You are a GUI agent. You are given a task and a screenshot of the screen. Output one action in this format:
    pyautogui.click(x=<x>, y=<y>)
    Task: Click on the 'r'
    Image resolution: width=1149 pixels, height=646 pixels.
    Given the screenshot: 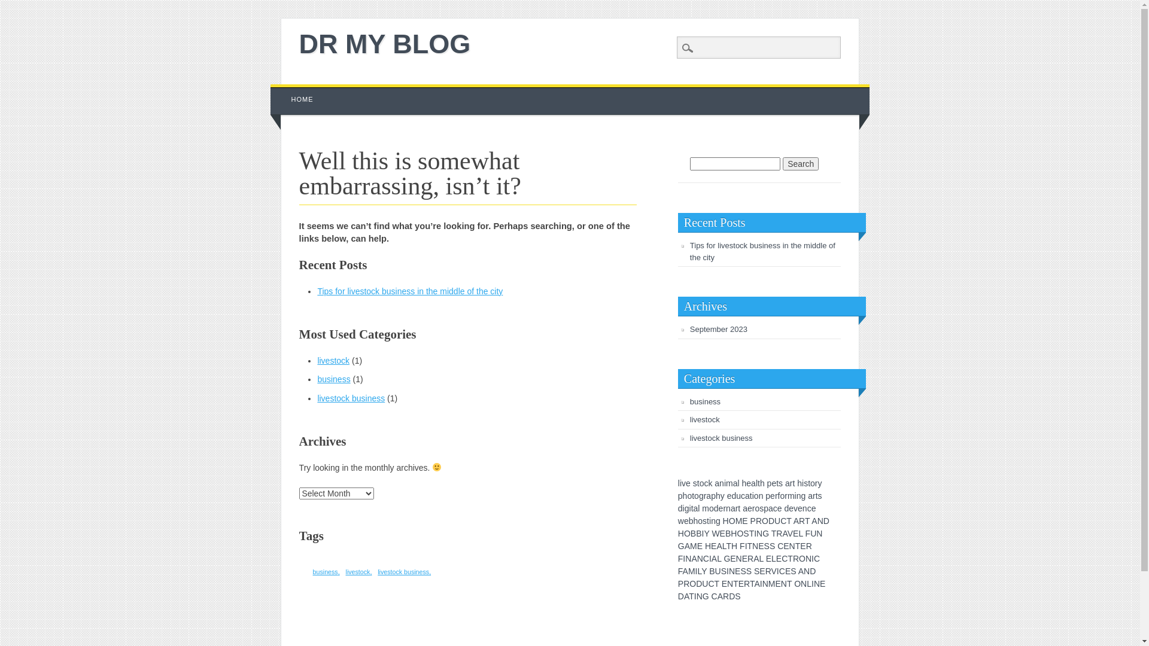 What is the action you would take?
    pyautogui.click(x=786, y=496)
    